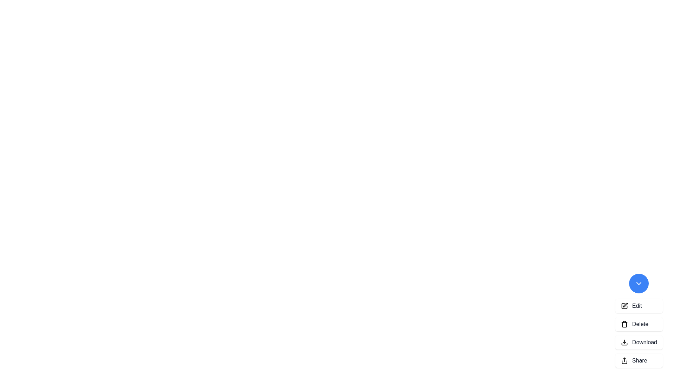 This screenshot has width=674, height=379. Describe the element at coordinates (639, 324) in the screenshot. I see `the 'Delete' button to select the 'Delete' action` at that location.